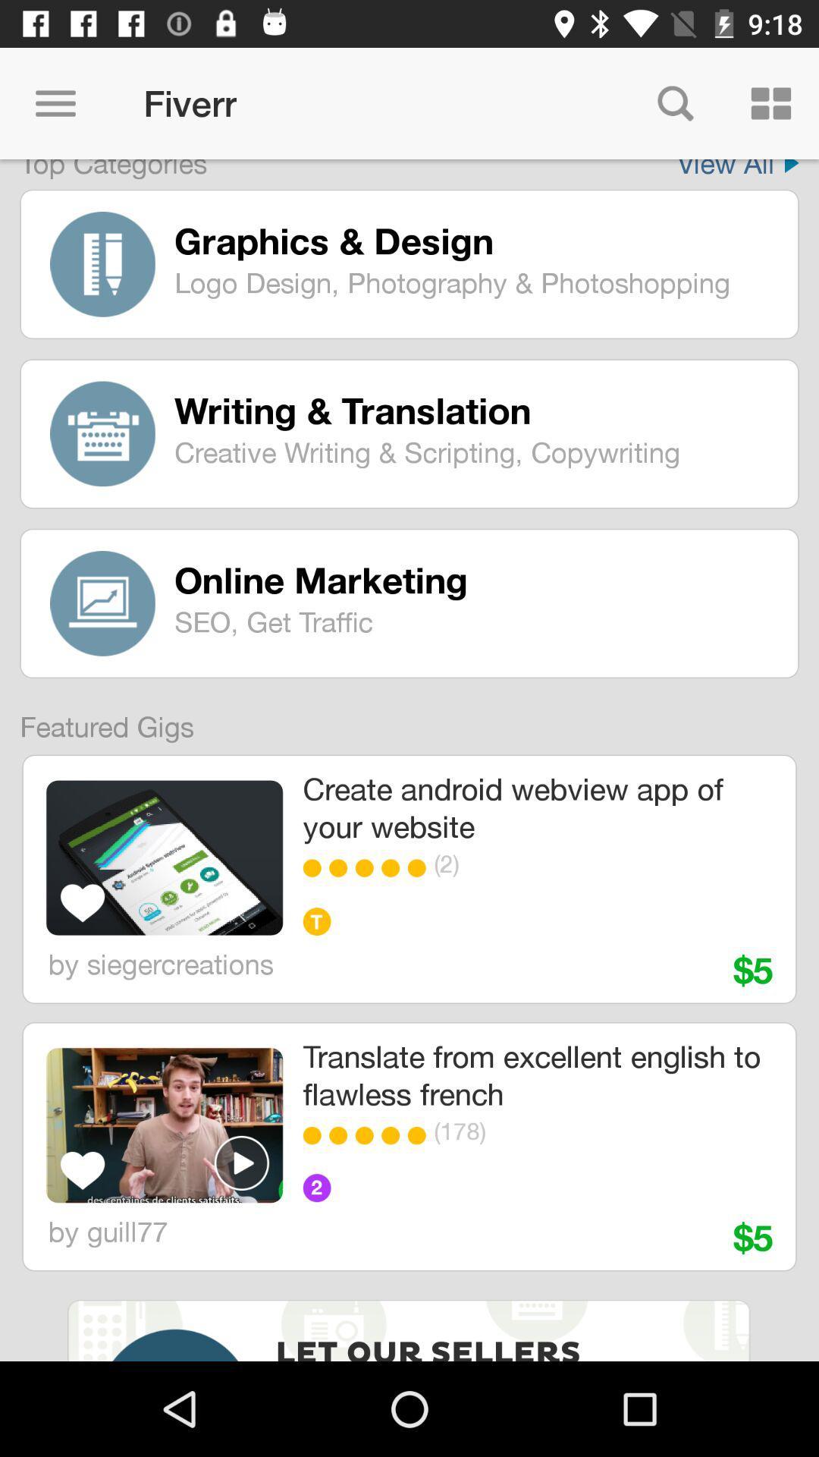  What do you see at coordinates (579, 1131) in the screenshot?
I see `icon above the $5 item` at bounding box center [579, 1131].